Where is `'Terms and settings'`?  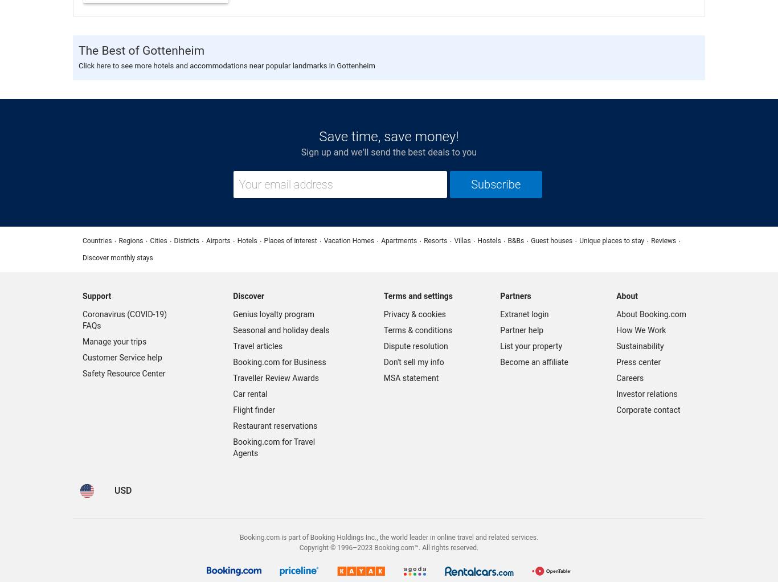 'Terms and settings' is located at coordinates (417, 295).